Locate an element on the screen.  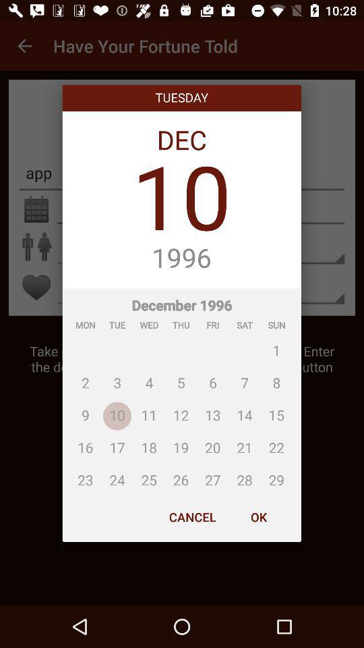
1996 icon is located at coordinates (181, 258).